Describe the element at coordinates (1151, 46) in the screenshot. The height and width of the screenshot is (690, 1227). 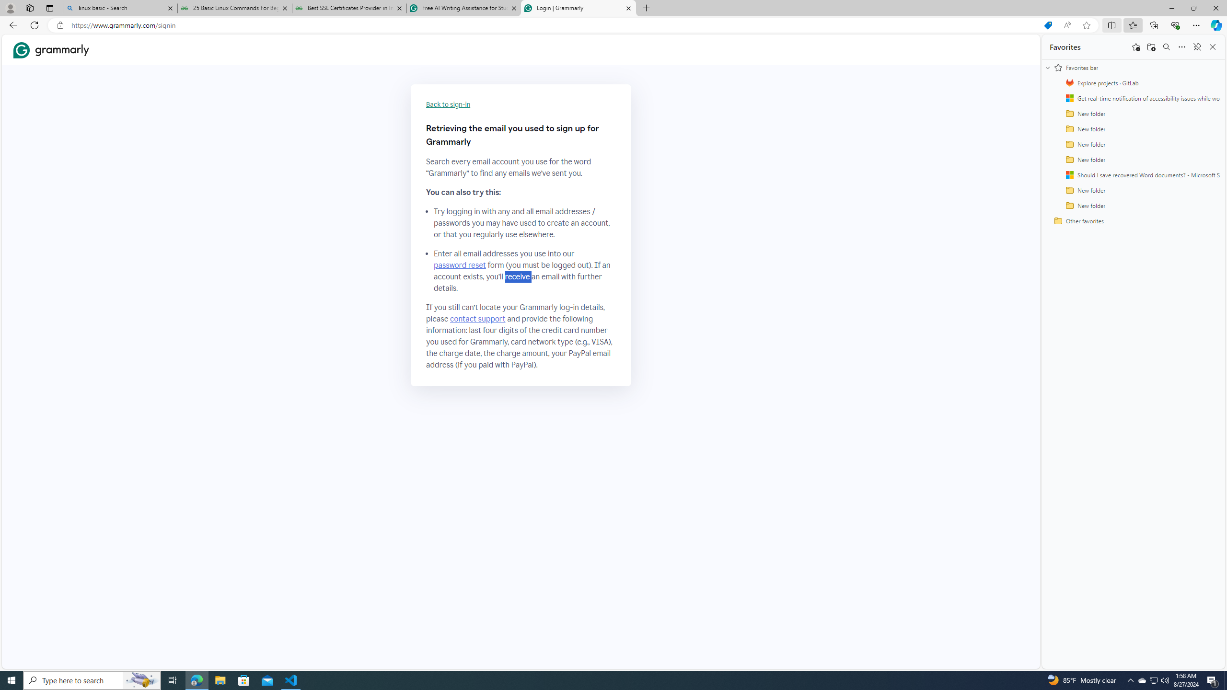
I see `'Add folder'` at that location.